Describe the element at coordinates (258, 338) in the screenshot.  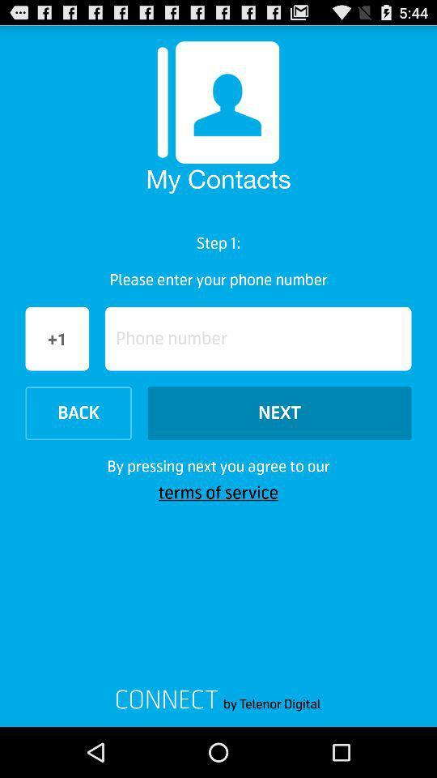
I see `button next to +1 button` at that location.